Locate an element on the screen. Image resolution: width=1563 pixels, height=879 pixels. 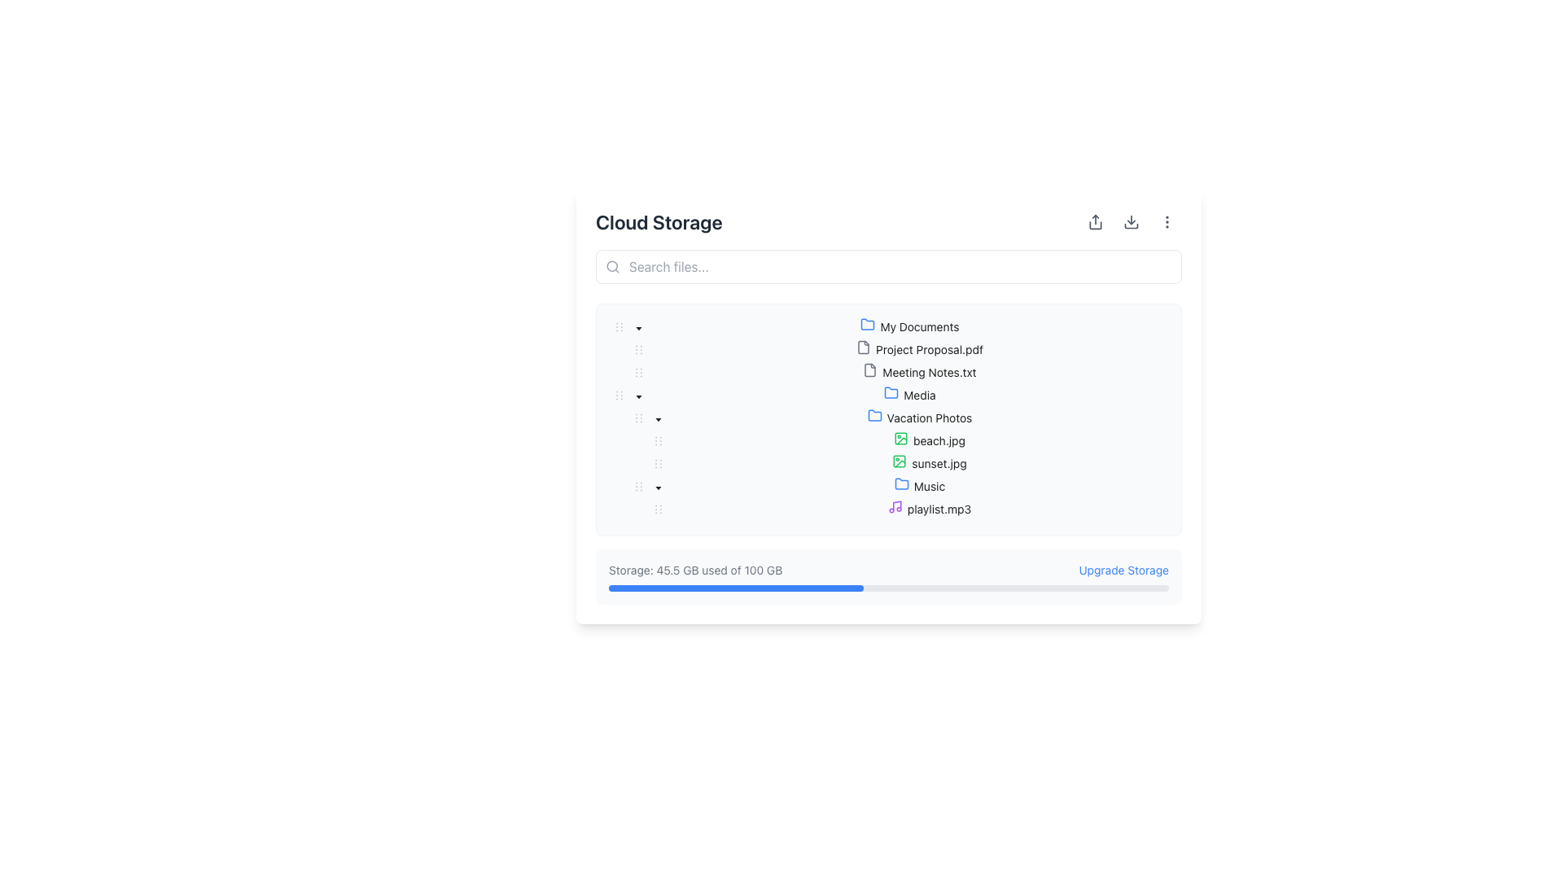
to select the audio file labeled 'playlist.mp3', which is located under the 'Music' folder and is positioned to the right of a purple music note icon is located at coordinates (939, 507).